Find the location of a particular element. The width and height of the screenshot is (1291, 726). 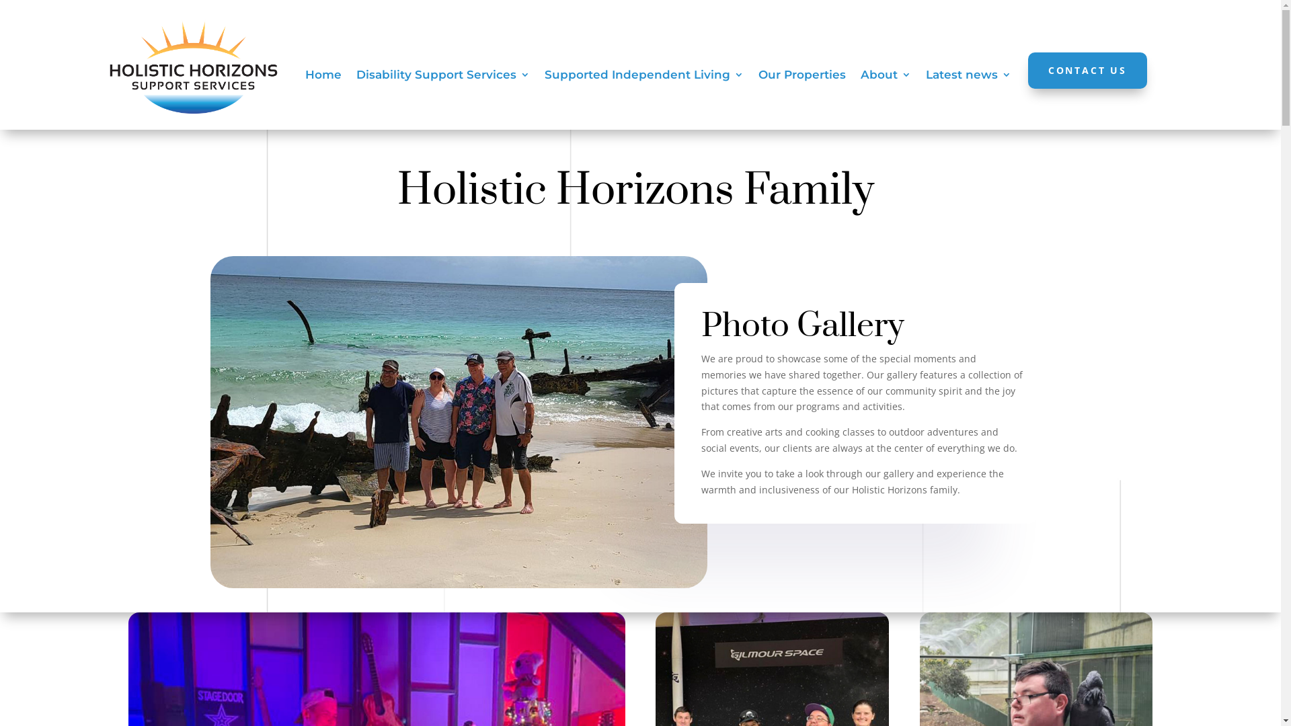

'Disability Support Services' is located at coordinates (442, 77).